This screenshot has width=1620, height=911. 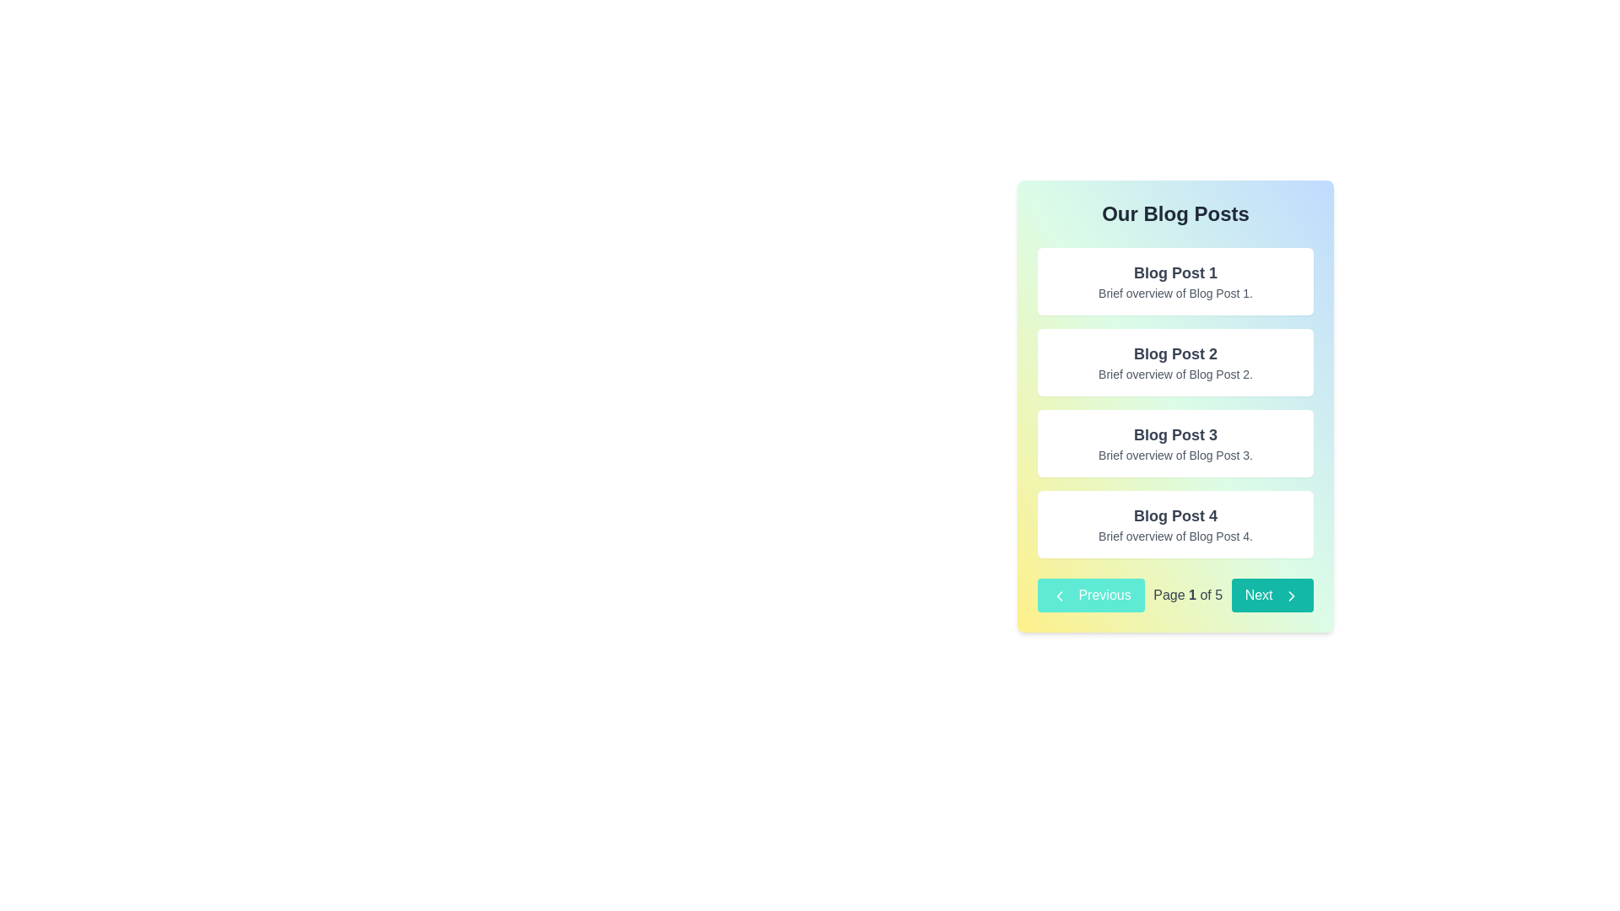 What do you see at coordinates (1174, 536) in the screenshot?
I see `the text display showing 'Brief overview of Blog Post 4.' which is styled in a smaller font size and gray color, positioned as a subtitle below the title 'Blog Post 4'` at bounding box center [1174, 536].